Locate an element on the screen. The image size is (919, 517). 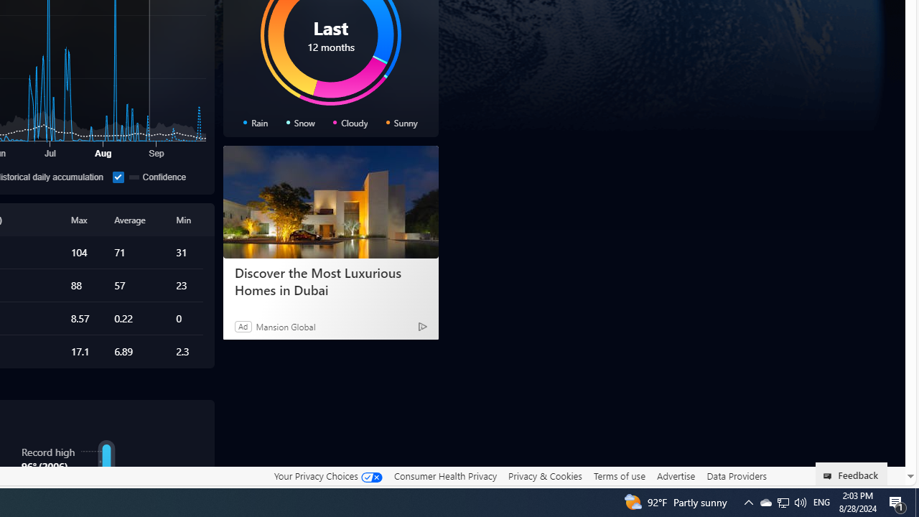
'Consumer Health Privacy' is located at coordinates (444, 476).